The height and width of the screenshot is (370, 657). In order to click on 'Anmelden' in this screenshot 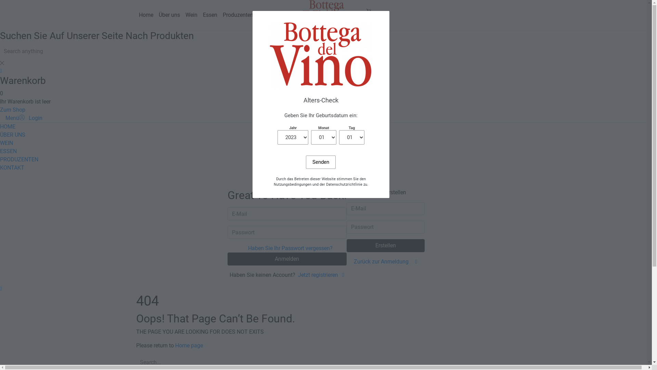, I will do `click(287, 259)`.